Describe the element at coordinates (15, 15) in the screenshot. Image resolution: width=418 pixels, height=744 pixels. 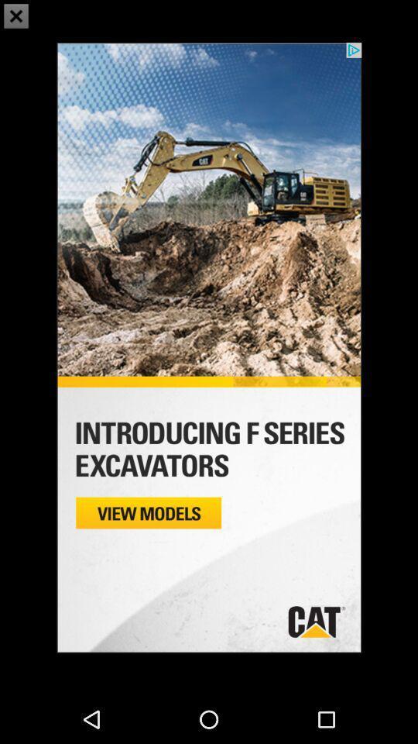
I see `the close icon` at that location.